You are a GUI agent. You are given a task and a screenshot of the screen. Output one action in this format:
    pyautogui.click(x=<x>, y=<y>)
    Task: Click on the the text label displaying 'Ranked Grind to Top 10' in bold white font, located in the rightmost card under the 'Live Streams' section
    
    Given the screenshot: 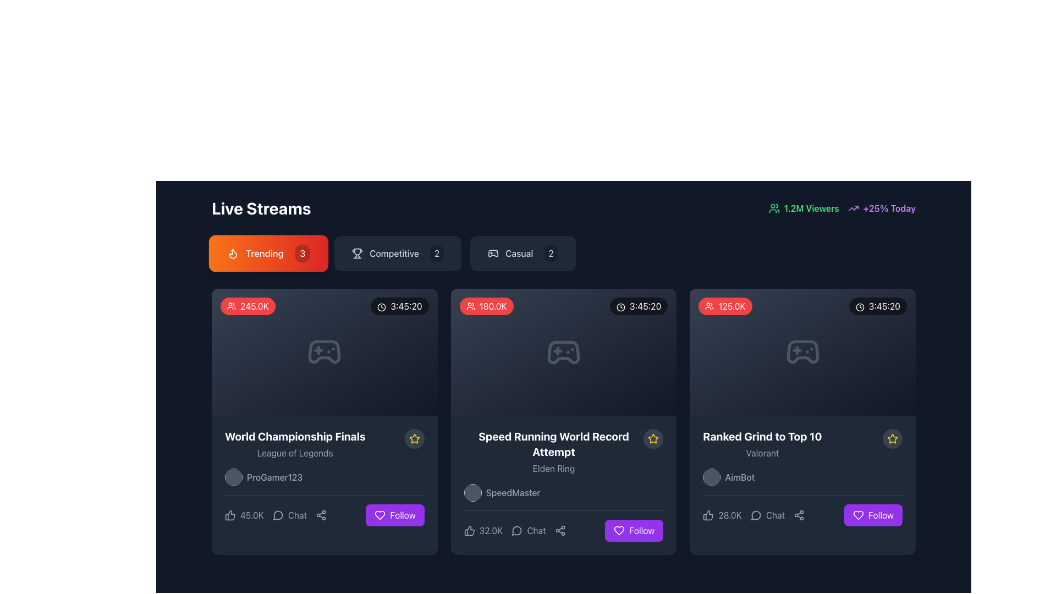 What is the action you would take?
    pyautogui.click(x=762, y=436)
    